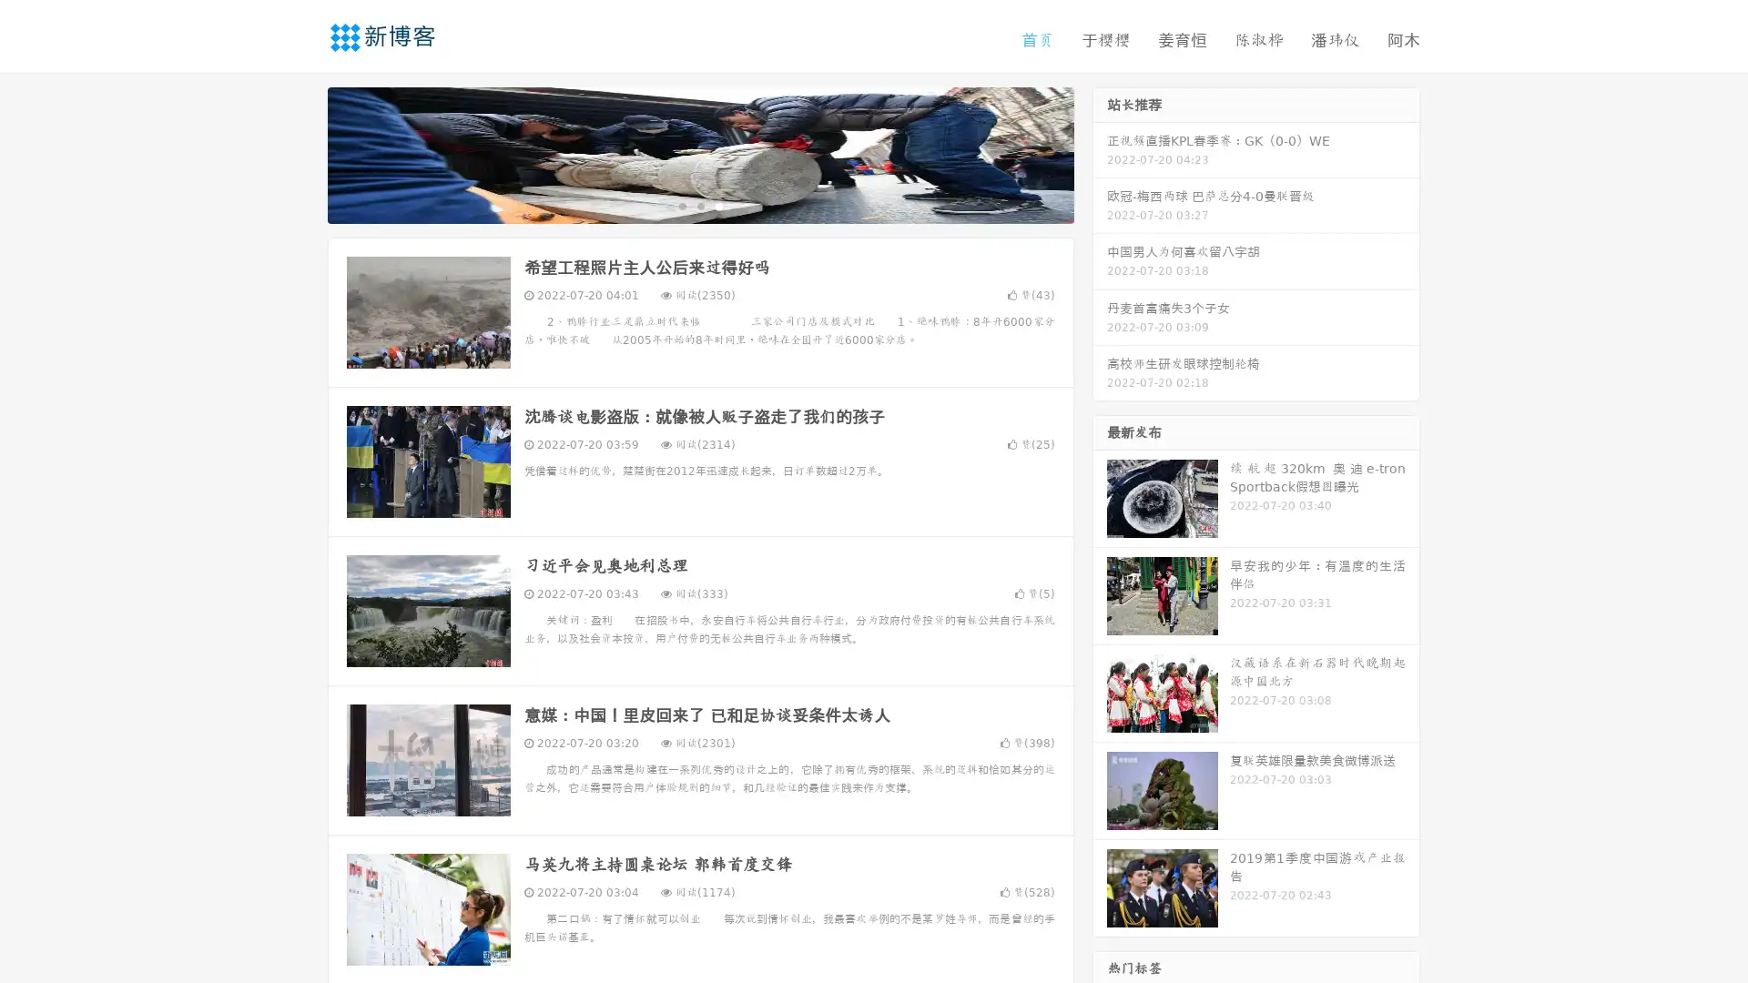  Describe the element at coordinates (699, 205) in the screenshot. I see `Go to slide 2` at that location.